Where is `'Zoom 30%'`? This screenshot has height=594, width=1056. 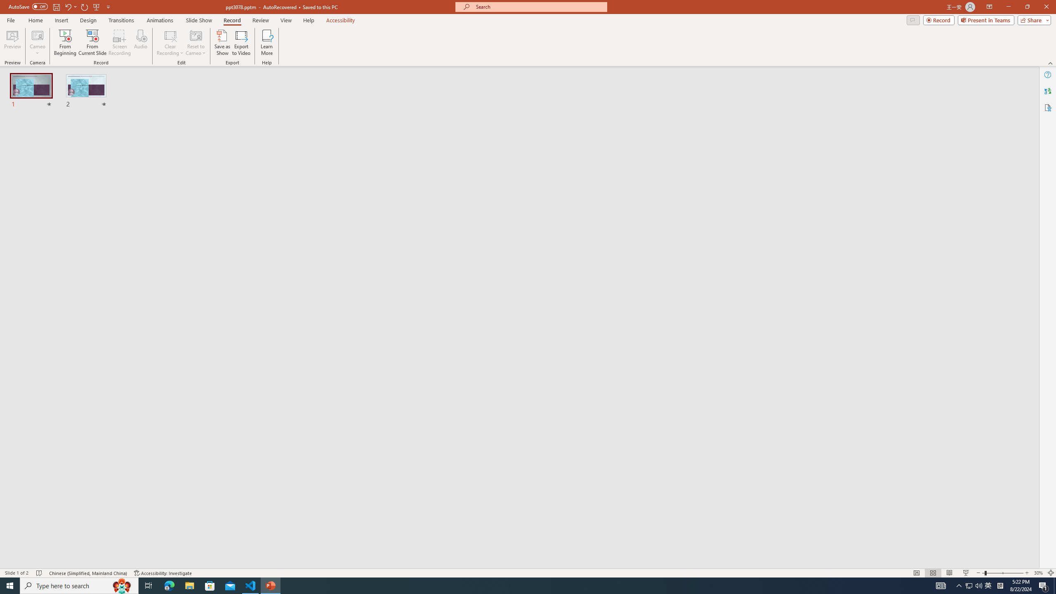
'Zoom 30%' is located at coordinates (1038, 573).